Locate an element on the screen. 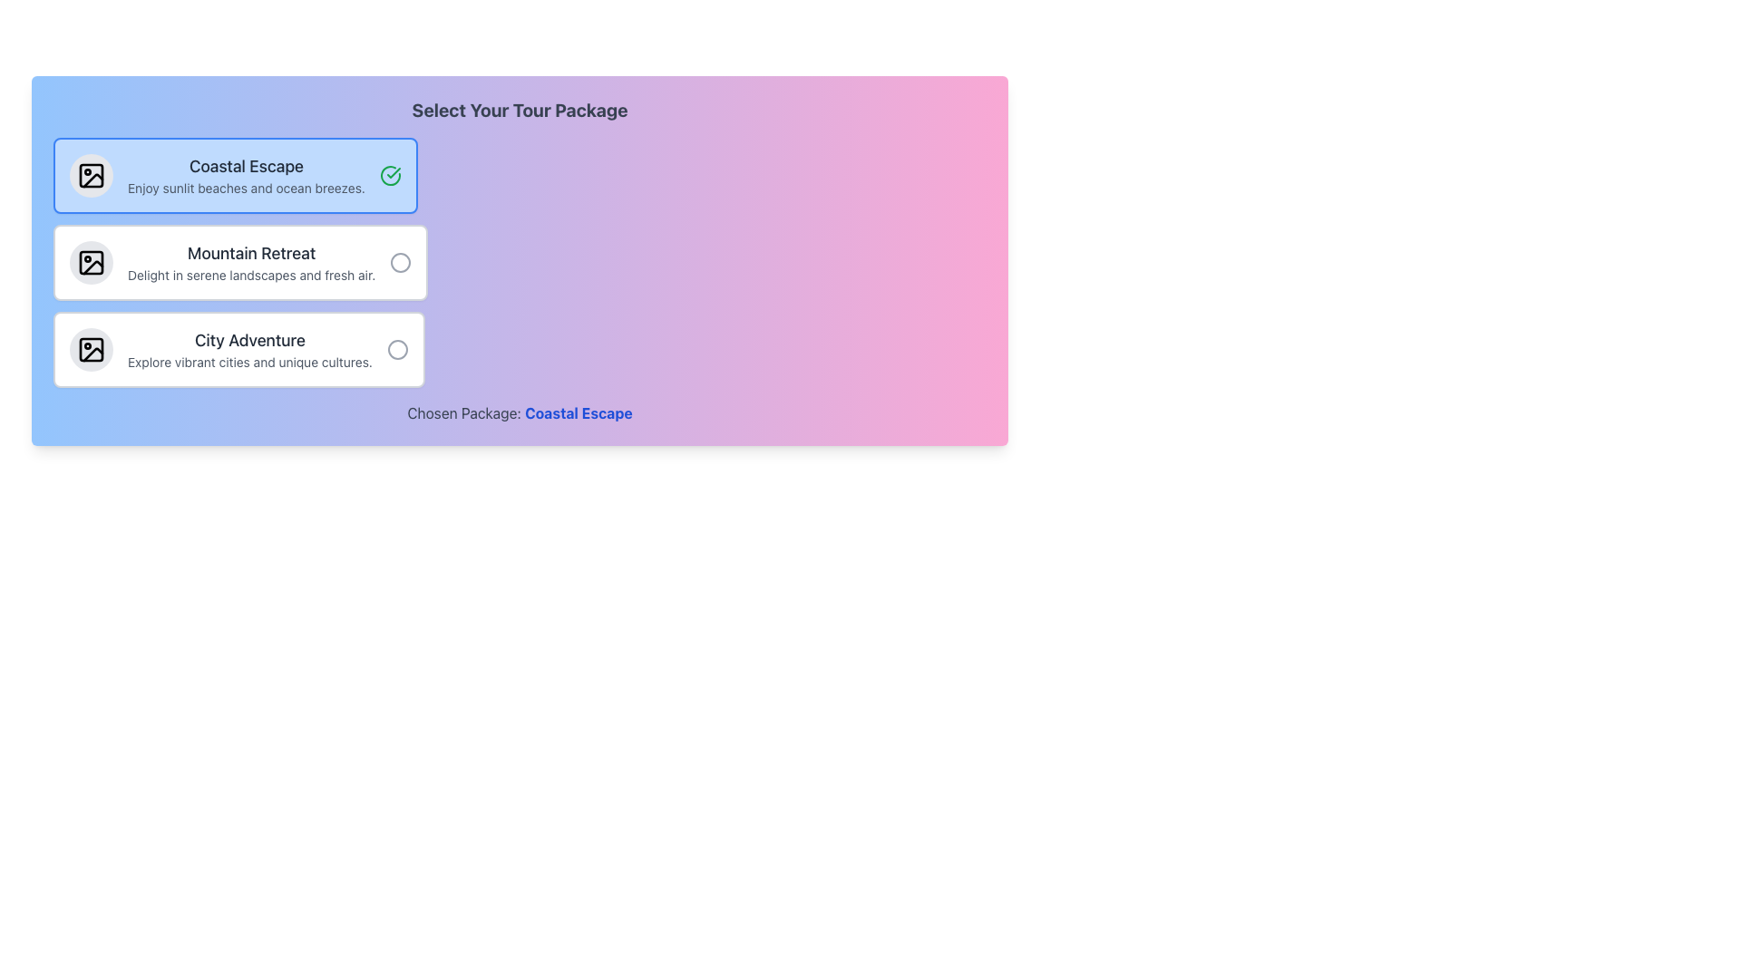 This screenshot has width=1741, height=979. the radio button indicating an inactive or unselected state for the 'Mountain Retreat' option, located to the far right of the second option in a vertical list of three is located at coordinates (400, 262).